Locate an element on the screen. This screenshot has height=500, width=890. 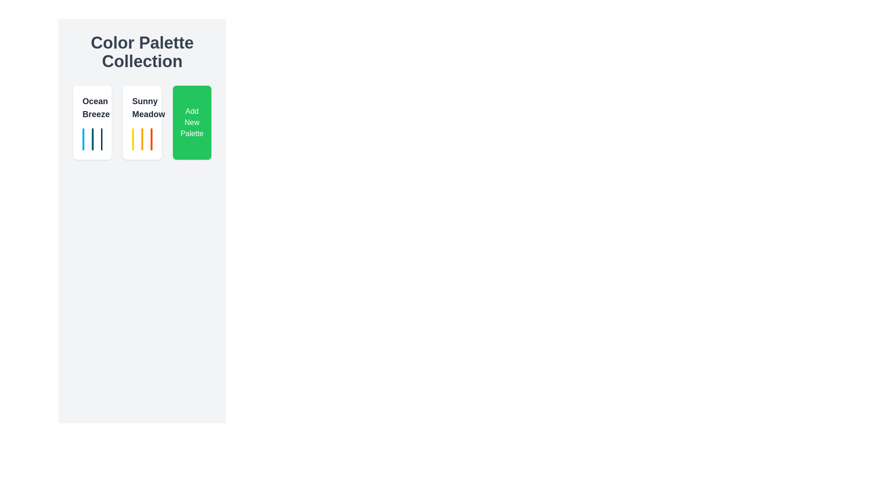
the color palette element consisting of yellow, orange, and red blocks within the 'Sunny Meadow' card is located at coordinates (142, 139).